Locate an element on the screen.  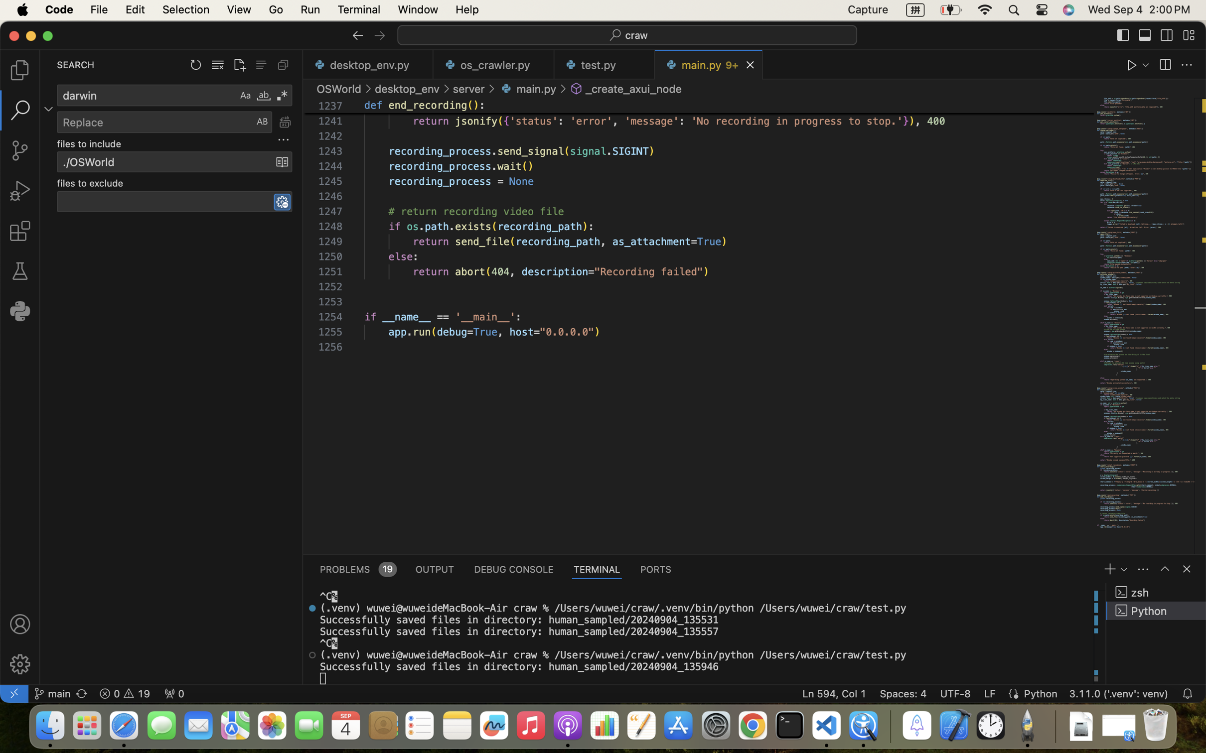
'' is located at coordinates (48, 109).